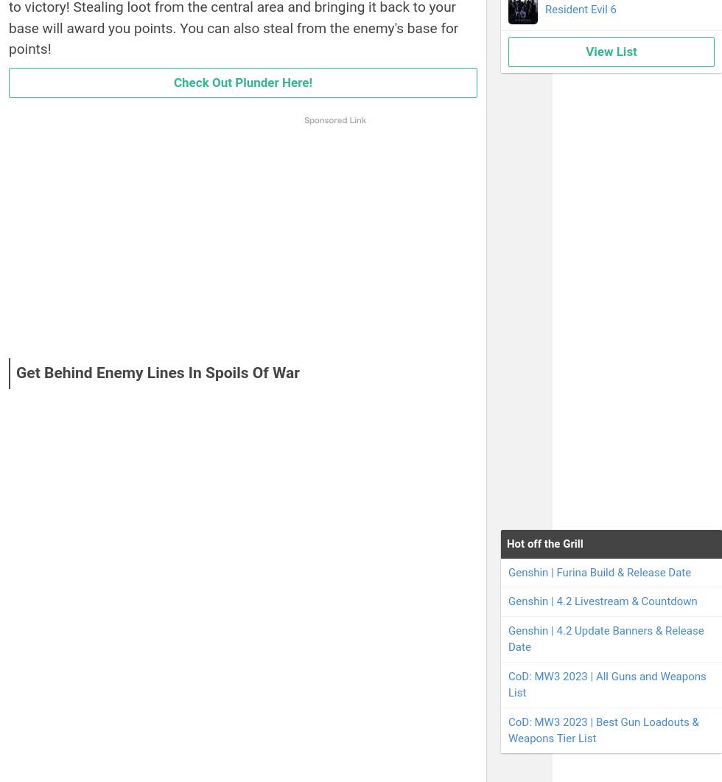 This screenshot has height=782, width=722. Describe the element at coordinates (603, 729) in the screenshot. I see `'CoD: MW3 2023 | Best Gun Loadouts & Weapons Tier List'` at that location.